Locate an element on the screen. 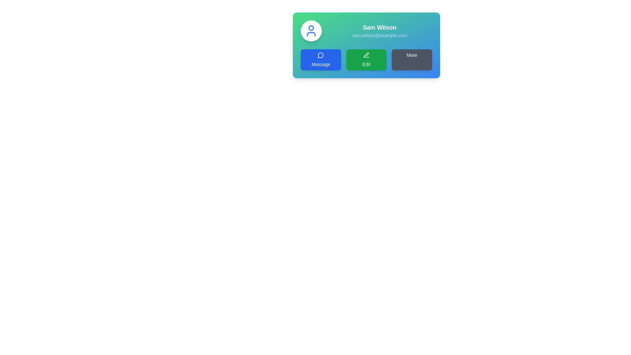 This screenshot has width=631, height=355. the 'Message' button with a blue background and a chat bubble icon for accessibility navigation is located at coordinates (321, 59).